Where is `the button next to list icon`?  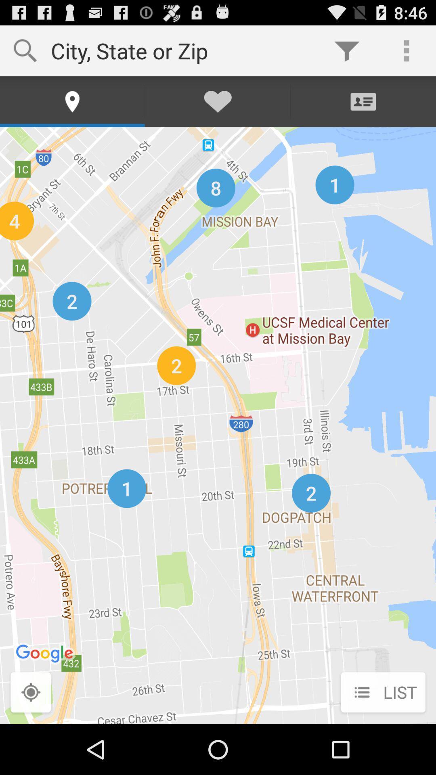
the button next to list icon is located at coordinates (30, 693).